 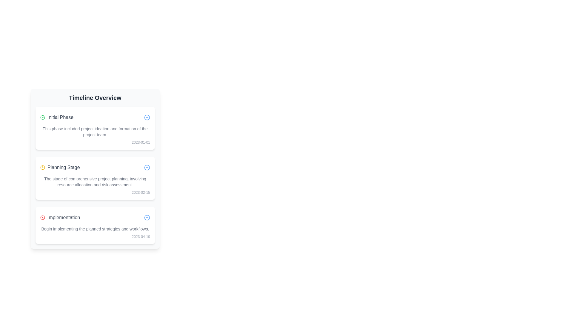 I want to click on the 'Implementation' text label with an icon, which indicates the beginning of the implementation processes in the vertical timeline layout, so click(x=60, y=217).